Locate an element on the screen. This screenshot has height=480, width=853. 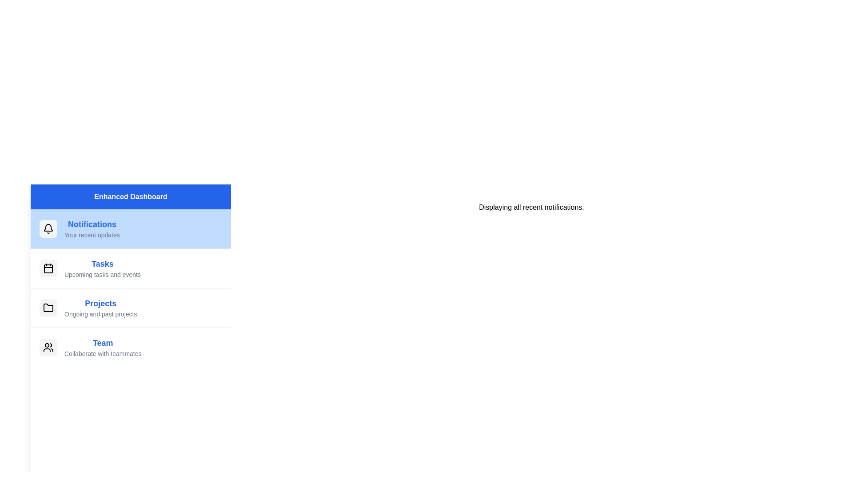
the menu item Projects to access its context menu is located at coordinates (130, 307).